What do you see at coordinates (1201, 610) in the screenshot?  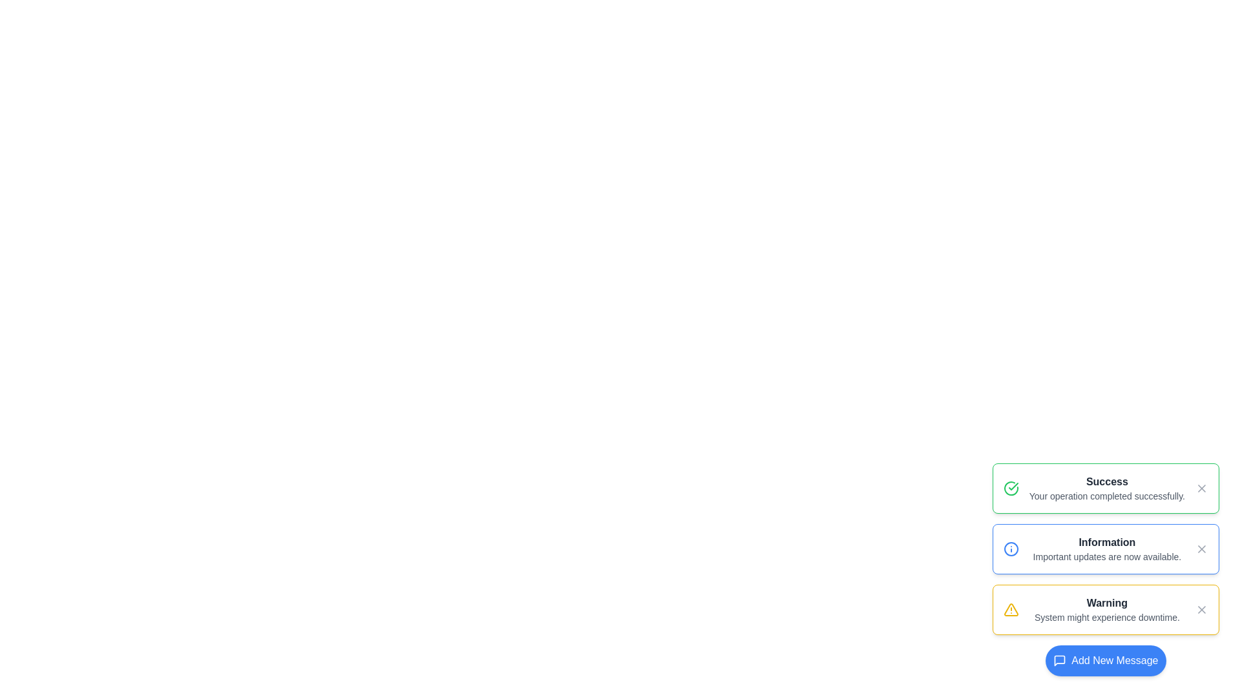 I see `the Close Button Icon, shaped like an 'X'` at bounding box center [1201, 610].